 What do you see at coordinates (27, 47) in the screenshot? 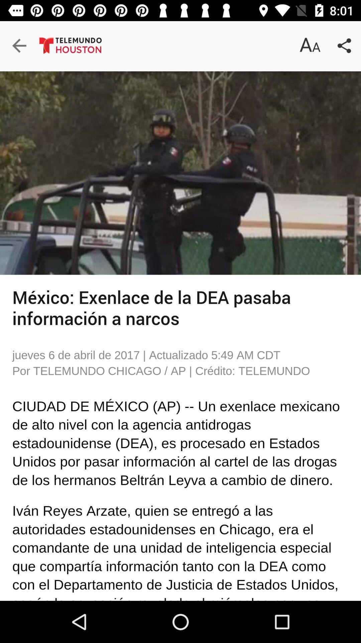
I see `the back arrow in top left corner` at bounding box center [27, 47].